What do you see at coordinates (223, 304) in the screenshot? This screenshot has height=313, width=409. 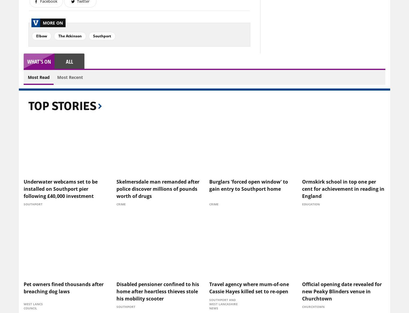 I see `'Southport and West Lancashire News'` at bounding box center [223, 304].